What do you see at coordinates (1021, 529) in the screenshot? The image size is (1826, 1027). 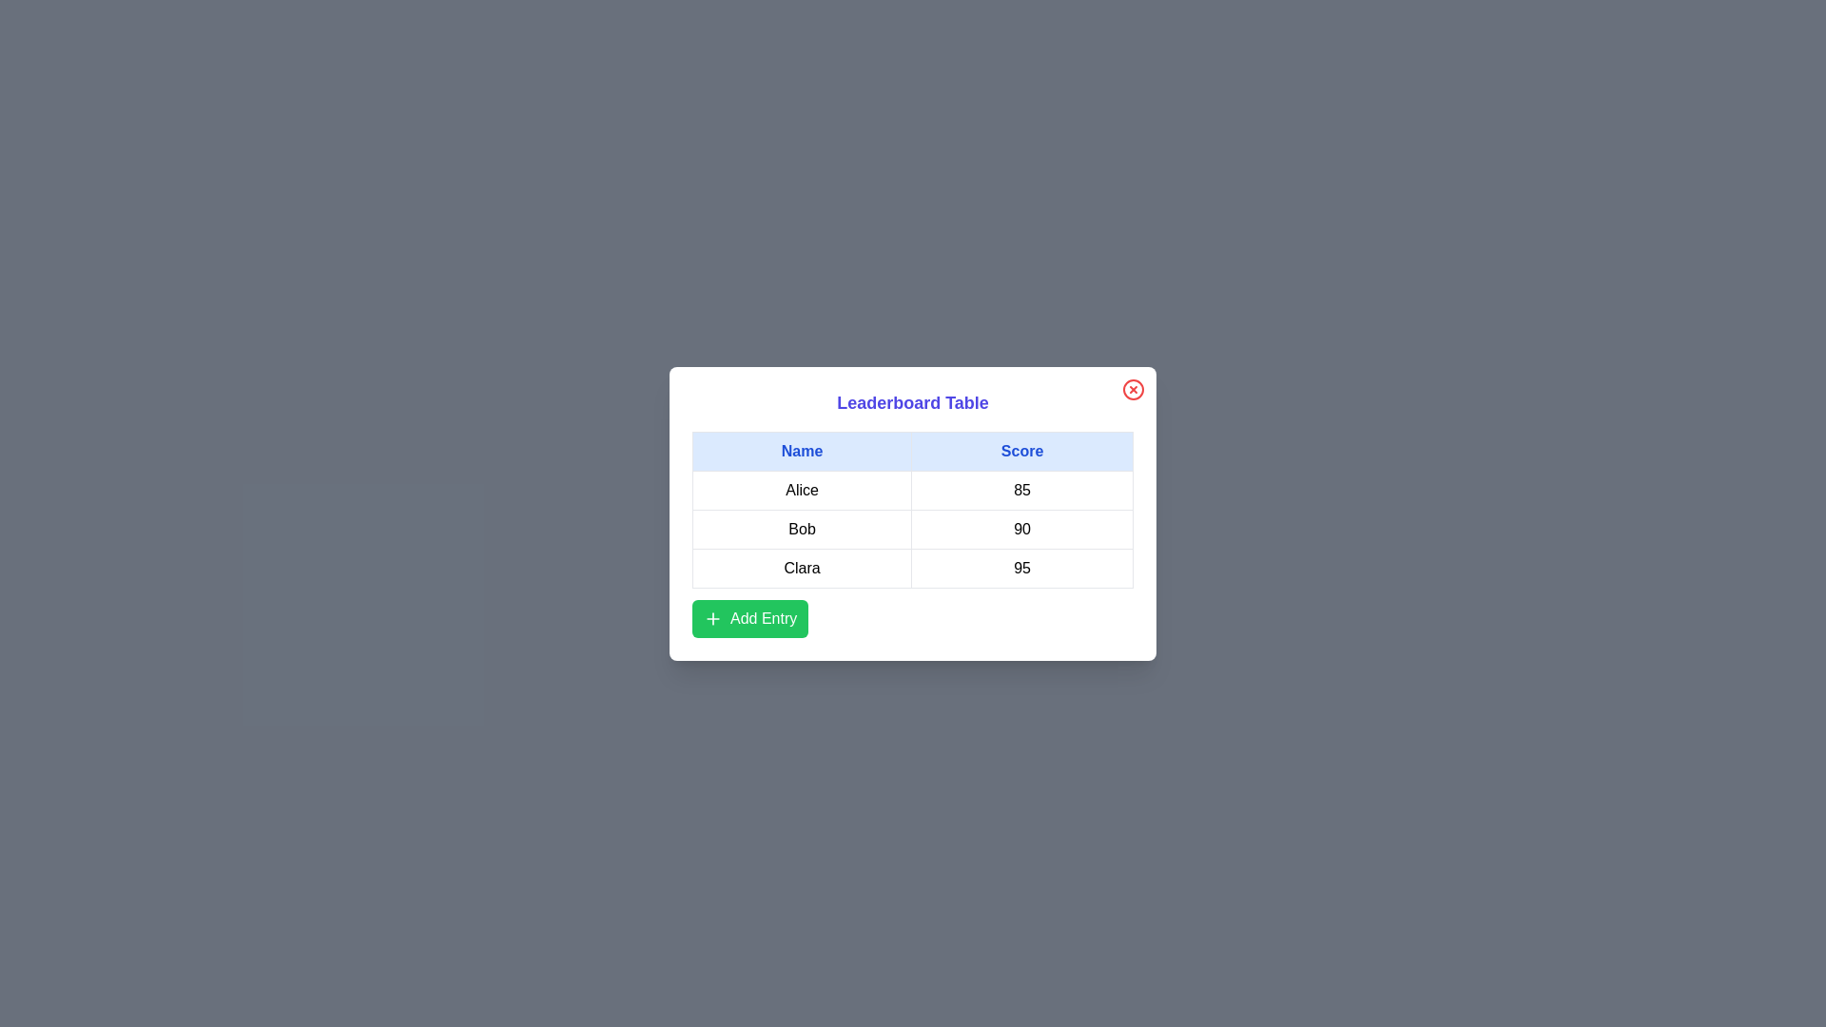 I see `the text in the cell containing 90` at bounding box center [1021, 529].